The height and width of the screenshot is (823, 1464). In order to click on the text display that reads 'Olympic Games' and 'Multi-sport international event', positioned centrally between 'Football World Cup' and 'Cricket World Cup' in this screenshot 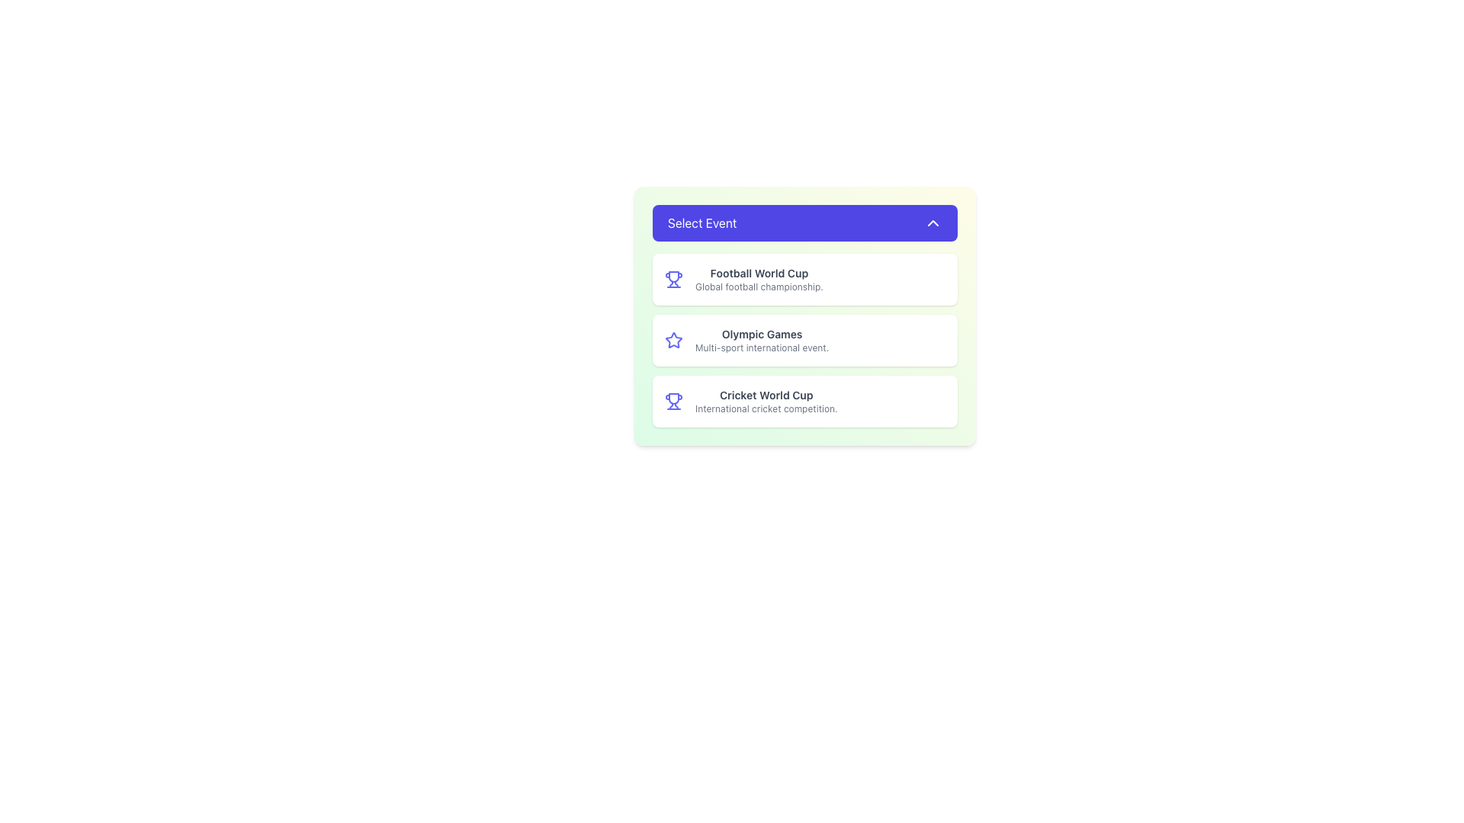, I will do `click(762, 340)`.